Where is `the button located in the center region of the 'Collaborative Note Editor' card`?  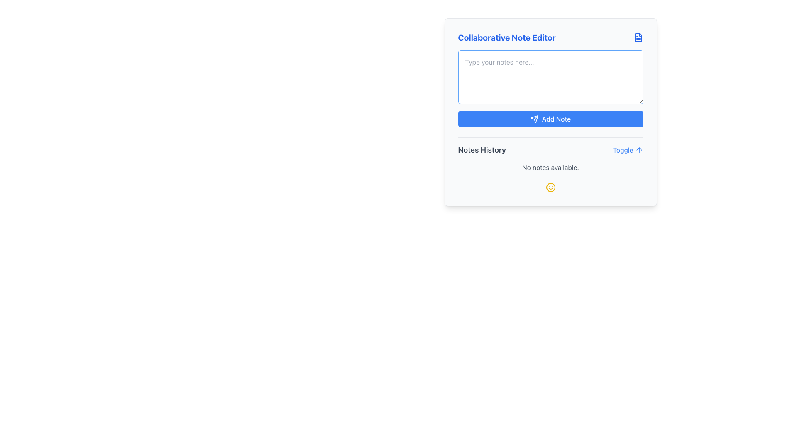
the button located in the center region of the 'Collaborative Note Editor' card is located at coordinates (550, 119).